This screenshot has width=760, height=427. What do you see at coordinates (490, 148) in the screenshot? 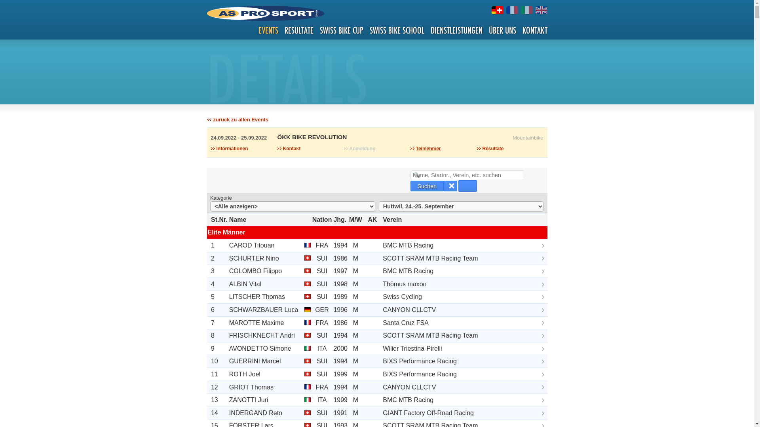
I see `'Resultate'` at bounding box center [490, 148].